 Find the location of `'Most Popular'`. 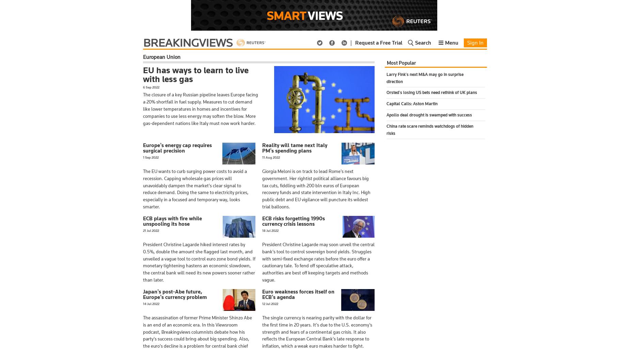

'Most Popular' is located at coordinates (401, 62).